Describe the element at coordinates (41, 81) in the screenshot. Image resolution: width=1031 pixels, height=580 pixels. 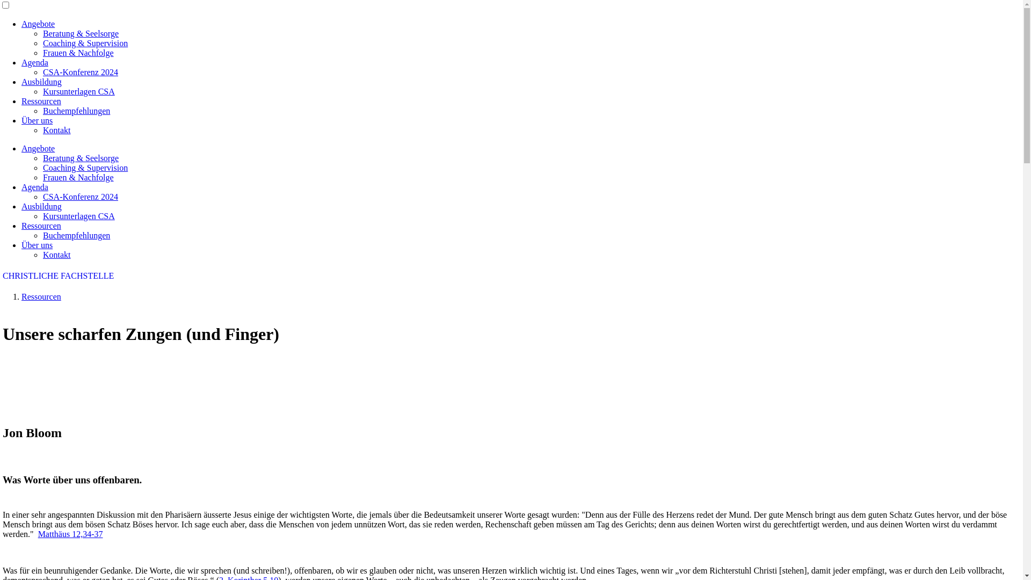
I see `'Ausbildung'` at that location.